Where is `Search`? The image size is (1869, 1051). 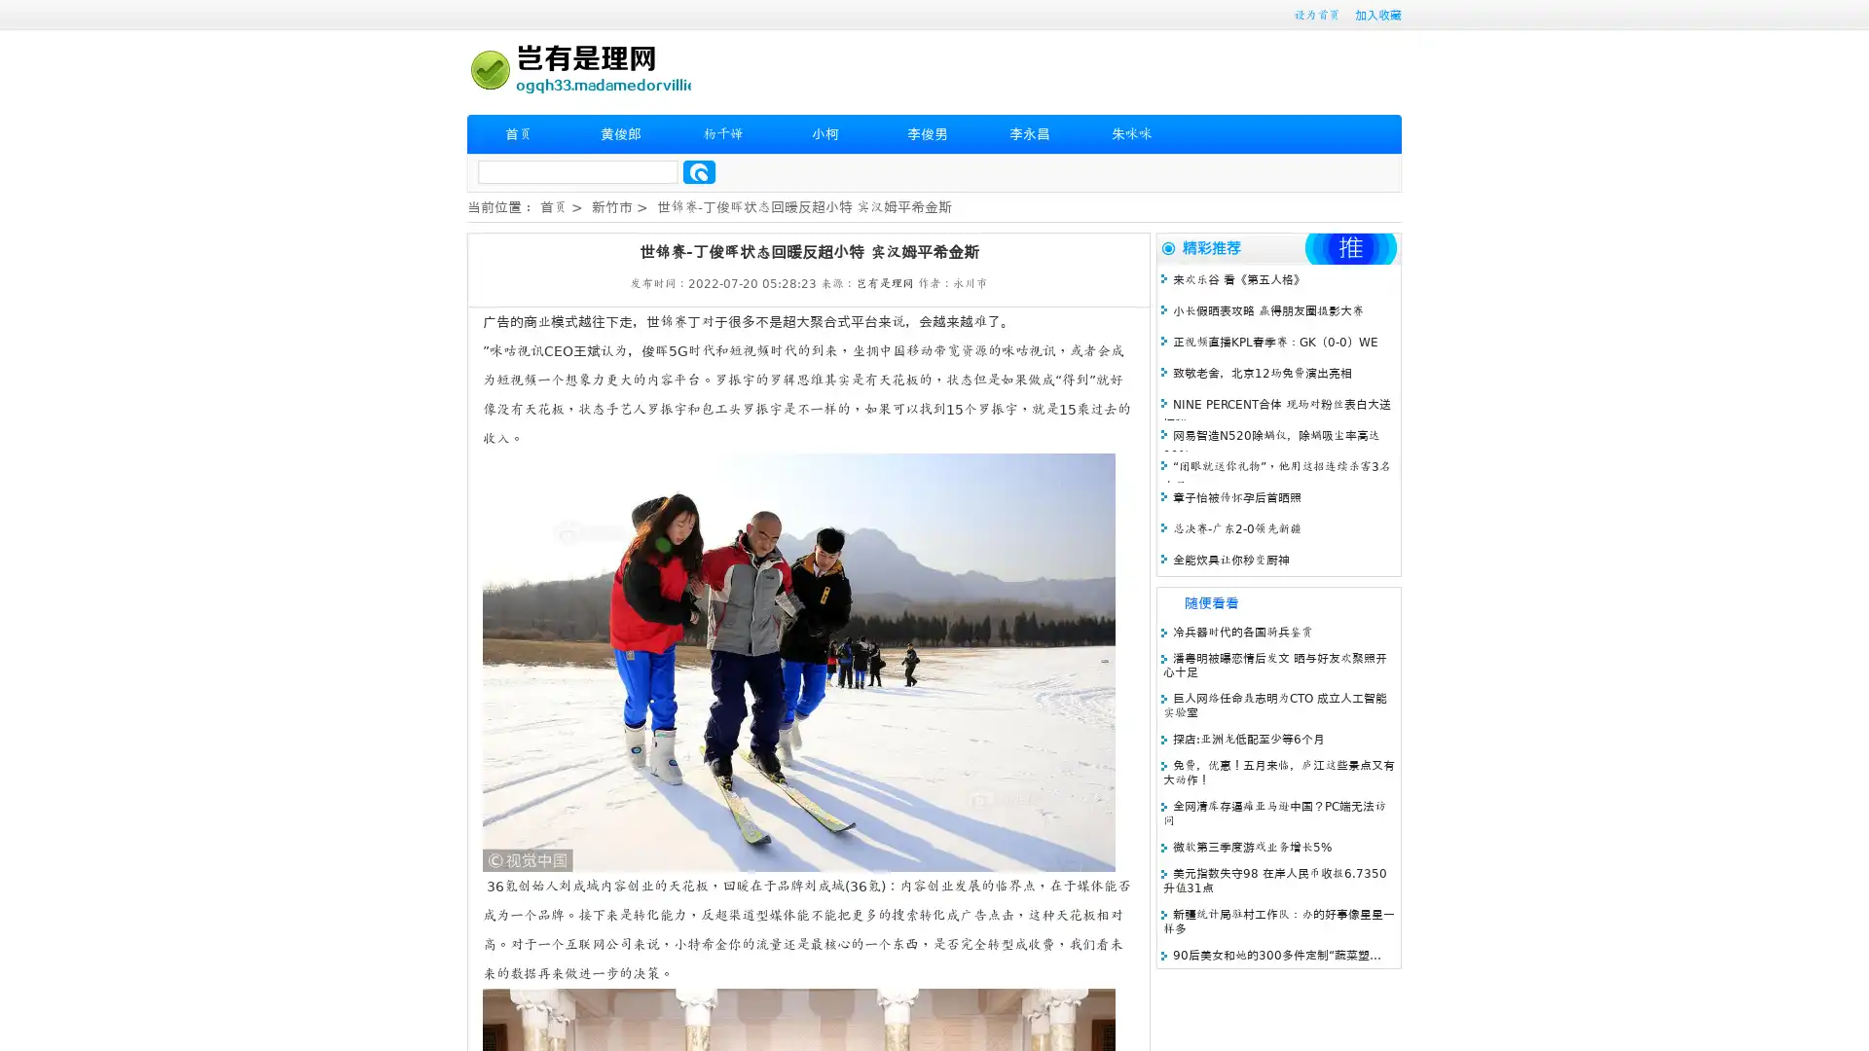
Search is located at coordinates (699, 171).